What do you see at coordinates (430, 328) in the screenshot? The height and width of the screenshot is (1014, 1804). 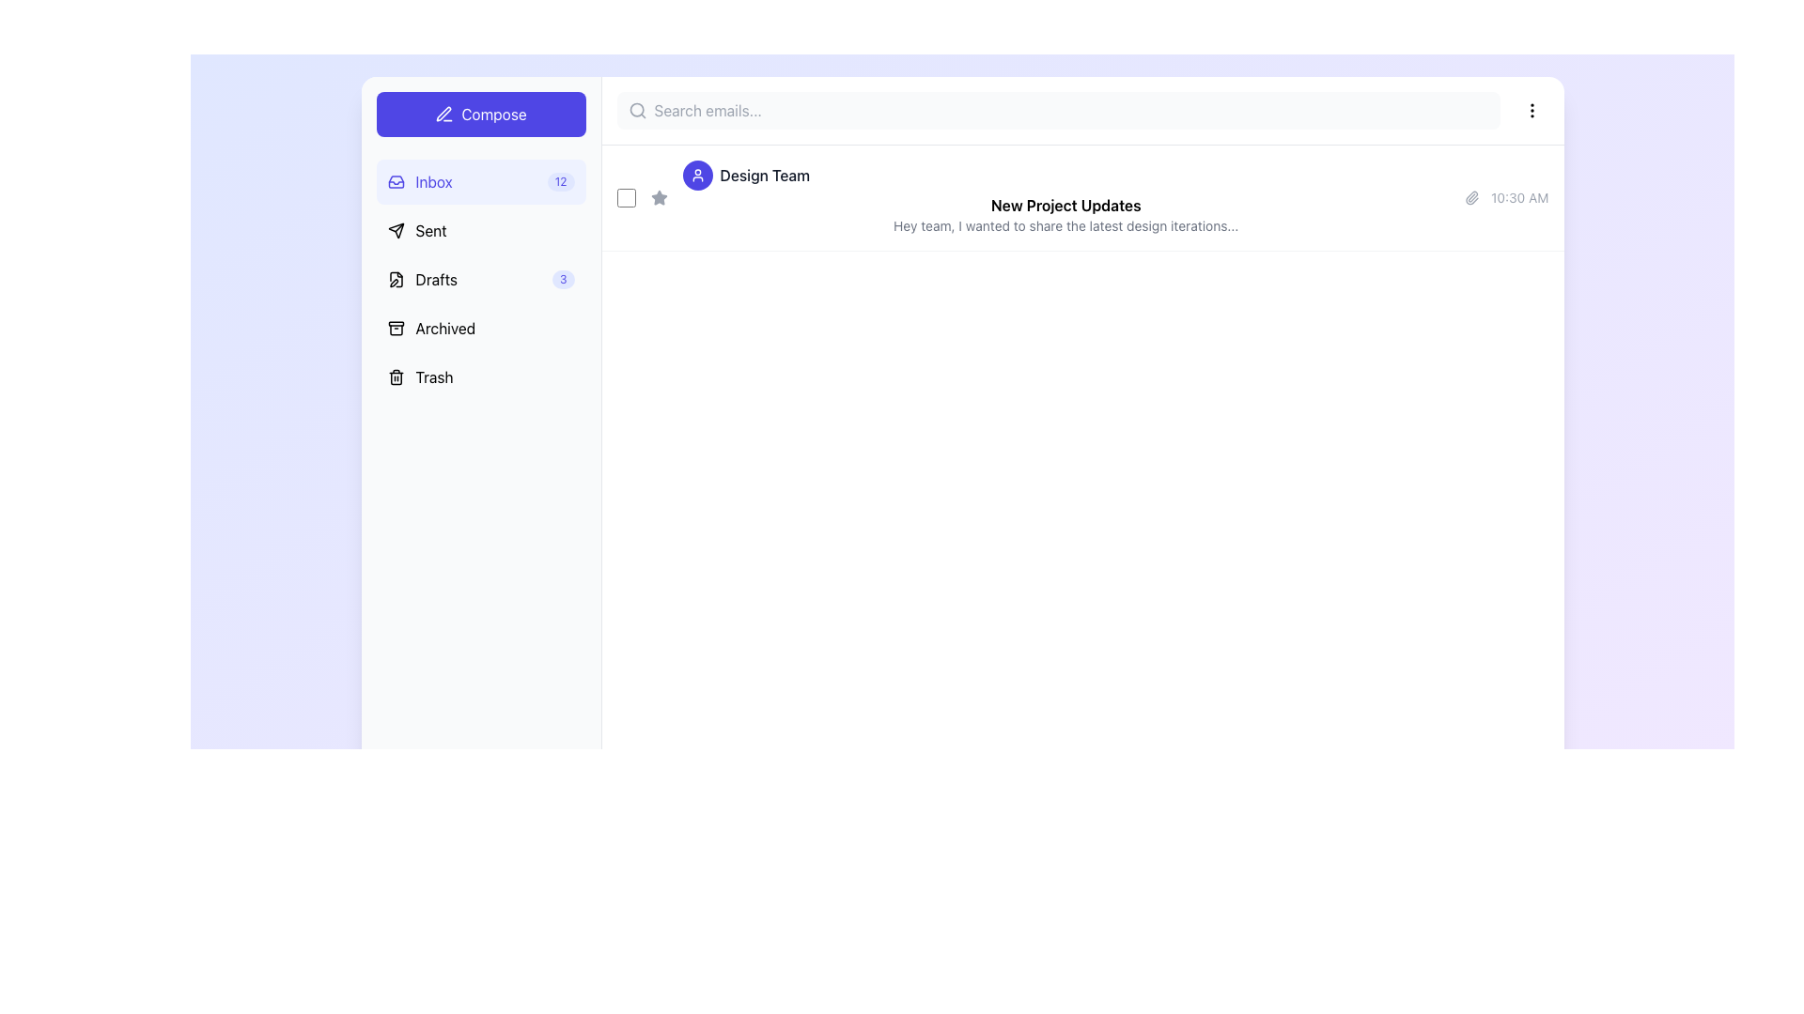 I see `the 'Archived' clickable navigation link in the vertical menu` at bounding box center [430, 328].